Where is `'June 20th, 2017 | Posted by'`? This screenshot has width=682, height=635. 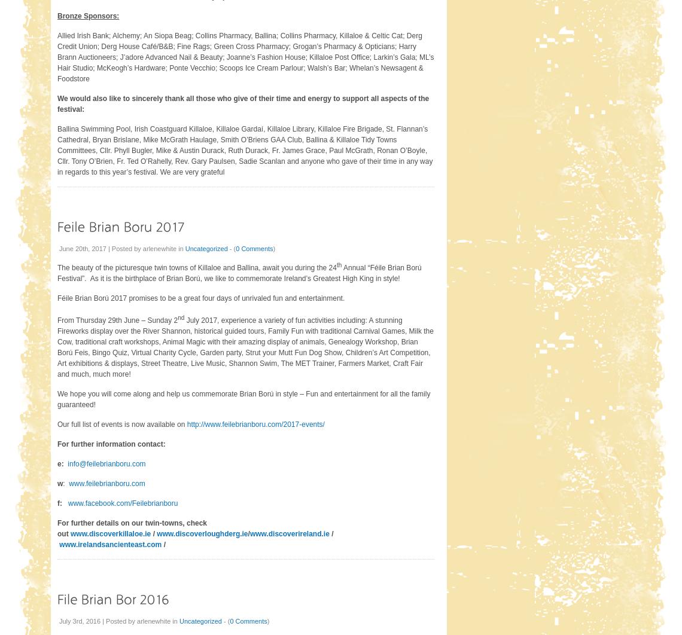 'June 20th, 2017 | Posted by' is located at coordinates (101, 248).